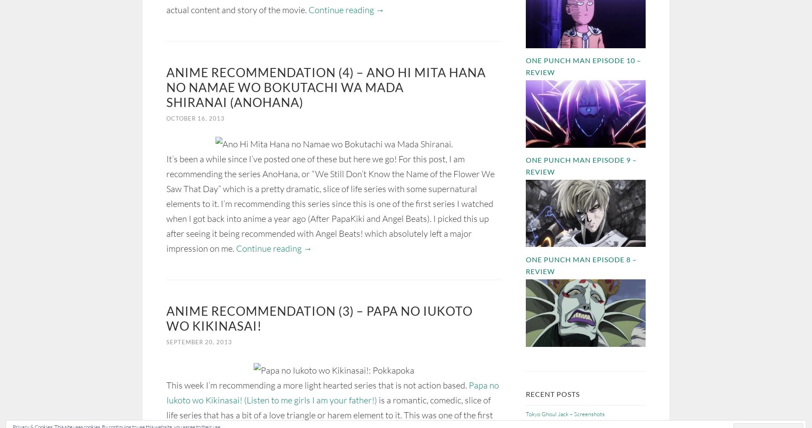  I want to click on 'One Punch Man Episode 10 – Review', so click(525, 65).